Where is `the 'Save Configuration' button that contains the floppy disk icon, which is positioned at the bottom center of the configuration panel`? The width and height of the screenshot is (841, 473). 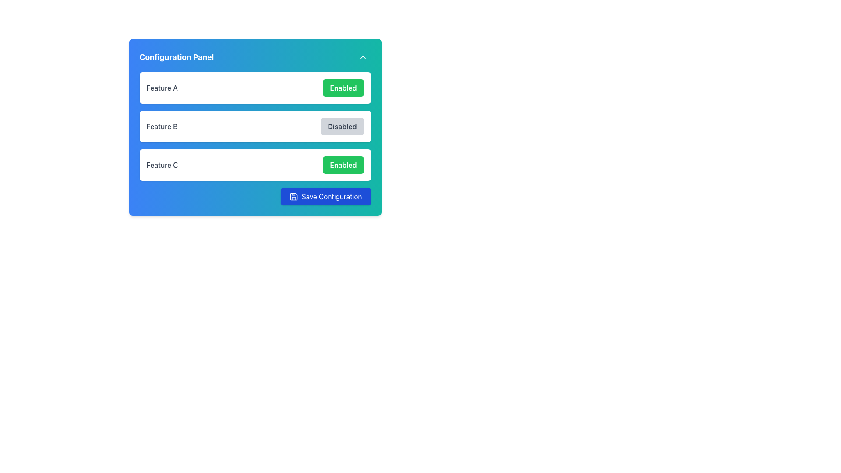
the 'Save Configuration' button that contains the floppy disk icon, which is positioned at the bottom center of the configuration panel is located at coordinates (293, 196).